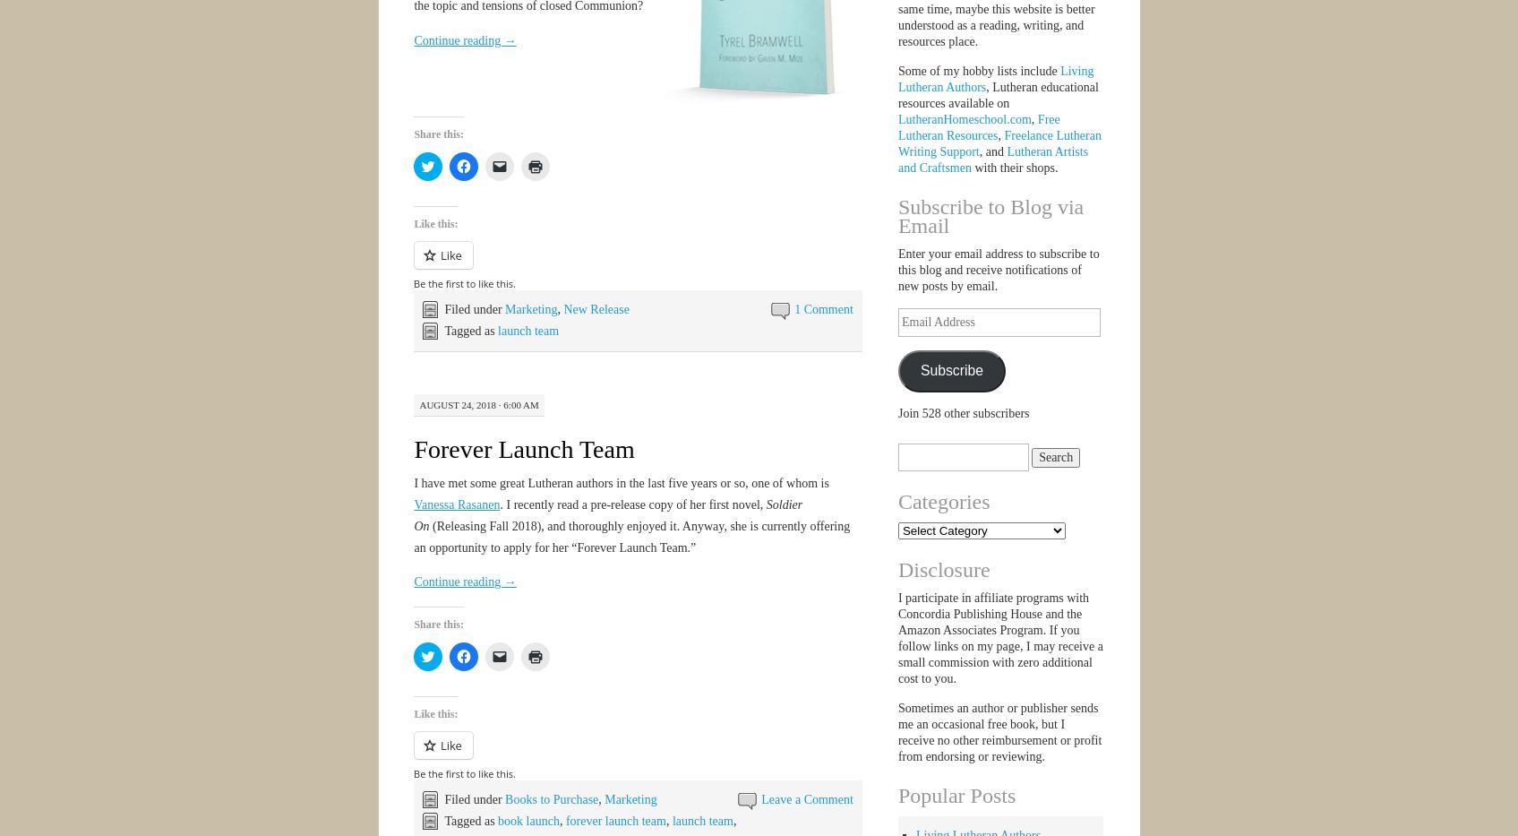 The height and width of the screenshot is (836, 1518). I want to click on ', Lutheran educational resources available on', so click(996, 94).